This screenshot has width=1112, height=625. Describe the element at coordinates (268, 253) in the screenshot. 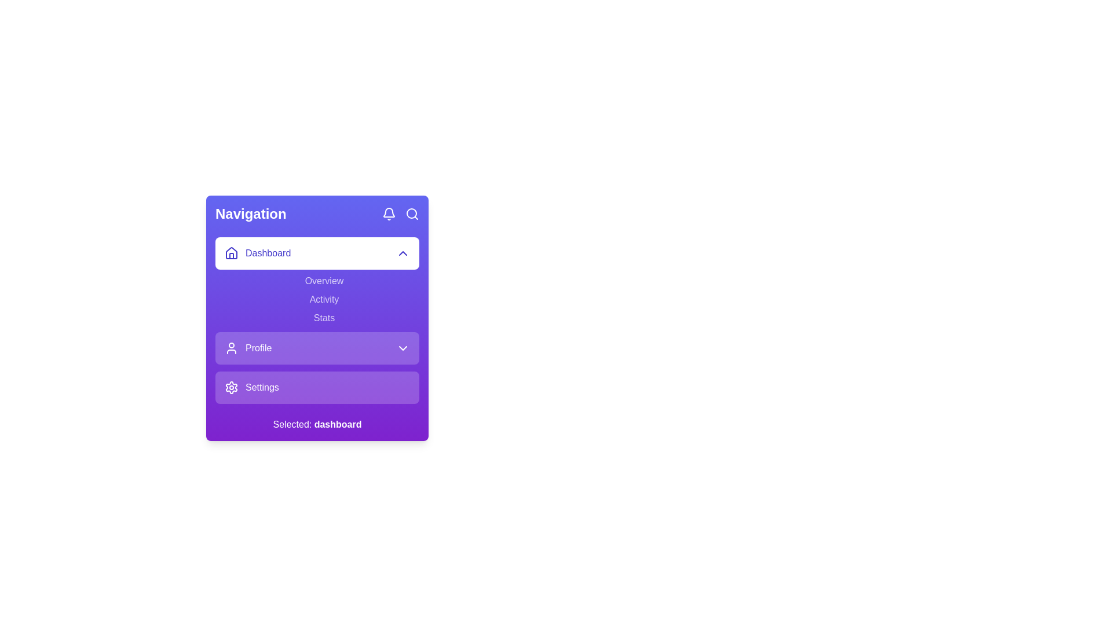

I see `the 'Dashboard' text label in the navigation component` at that location.